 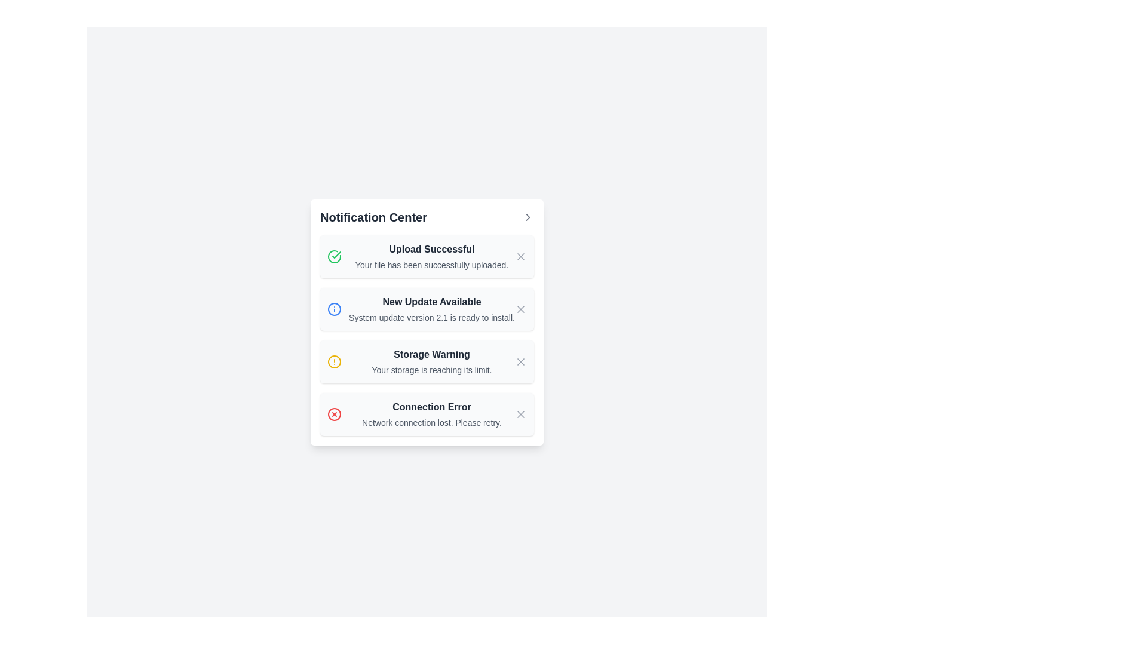 I want to click on the static text label that reads 'New Update Available', which is styled prominently and located in the Notification Center, between 'Upload Successful' and 'Storage Warning', so click(x=431, y=301).